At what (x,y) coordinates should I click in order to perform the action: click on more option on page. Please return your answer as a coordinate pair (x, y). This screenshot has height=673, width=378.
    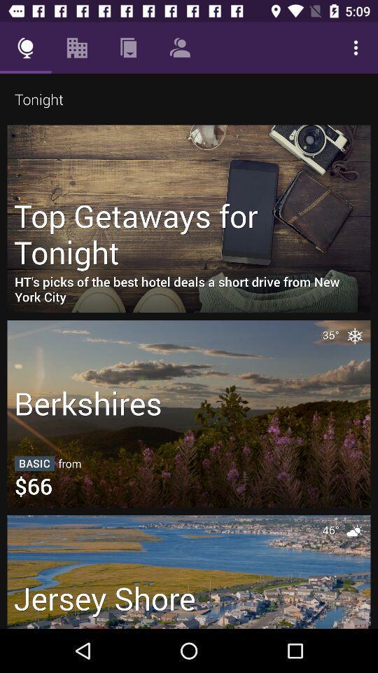
    Looking at the image, I should click on (356, 48).